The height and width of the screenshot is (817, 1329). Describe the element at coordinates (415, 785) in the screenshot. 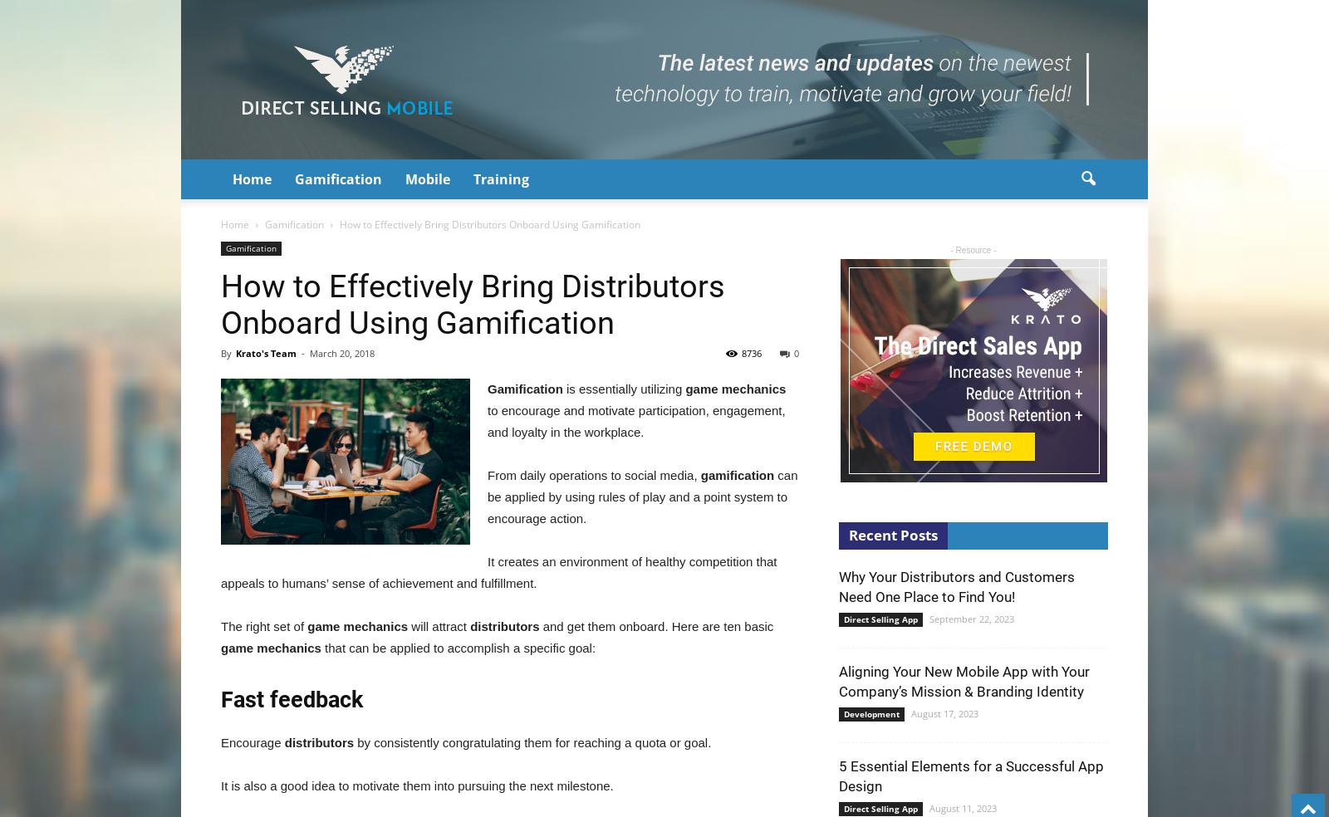

I see `'It is also a good idea to motivate them into pursuing the next milestone.'` at that location.